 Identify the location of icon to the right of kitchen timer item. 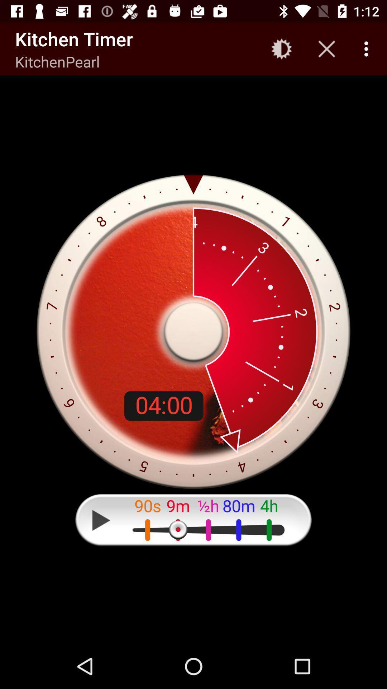
(281, 48).